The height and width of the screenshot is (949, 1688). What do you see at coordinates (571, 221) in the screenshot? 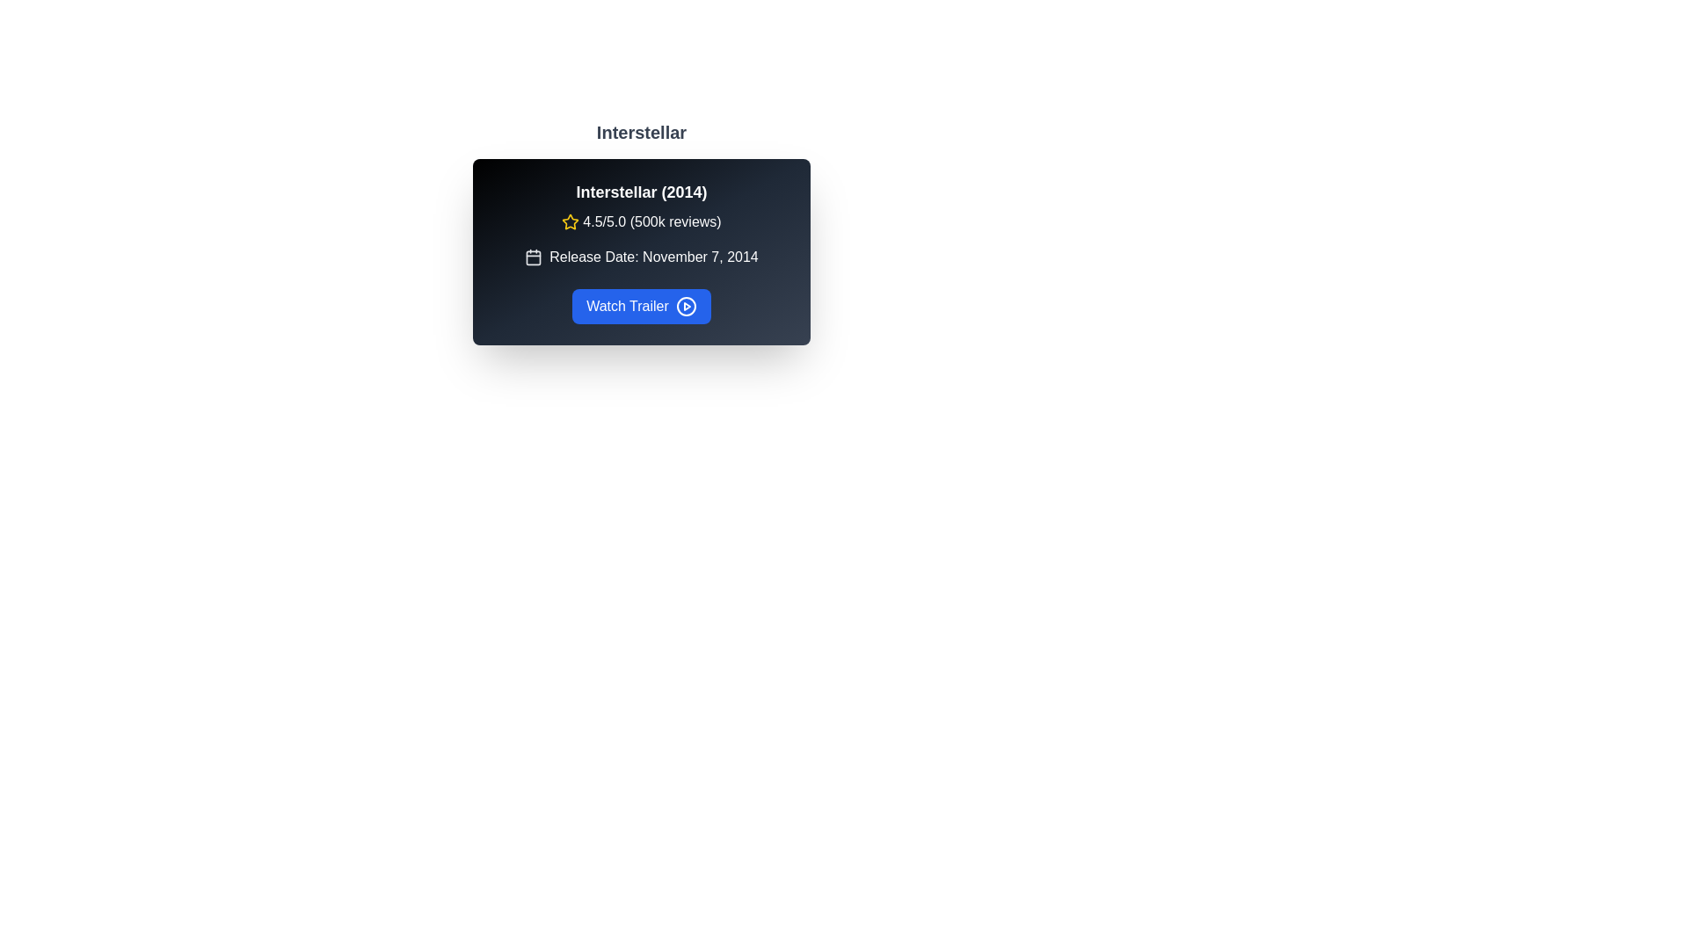
I see `the star icon representing the rating system for the movie 'Interstellar' from its current position` at bounding box center [571, 221].